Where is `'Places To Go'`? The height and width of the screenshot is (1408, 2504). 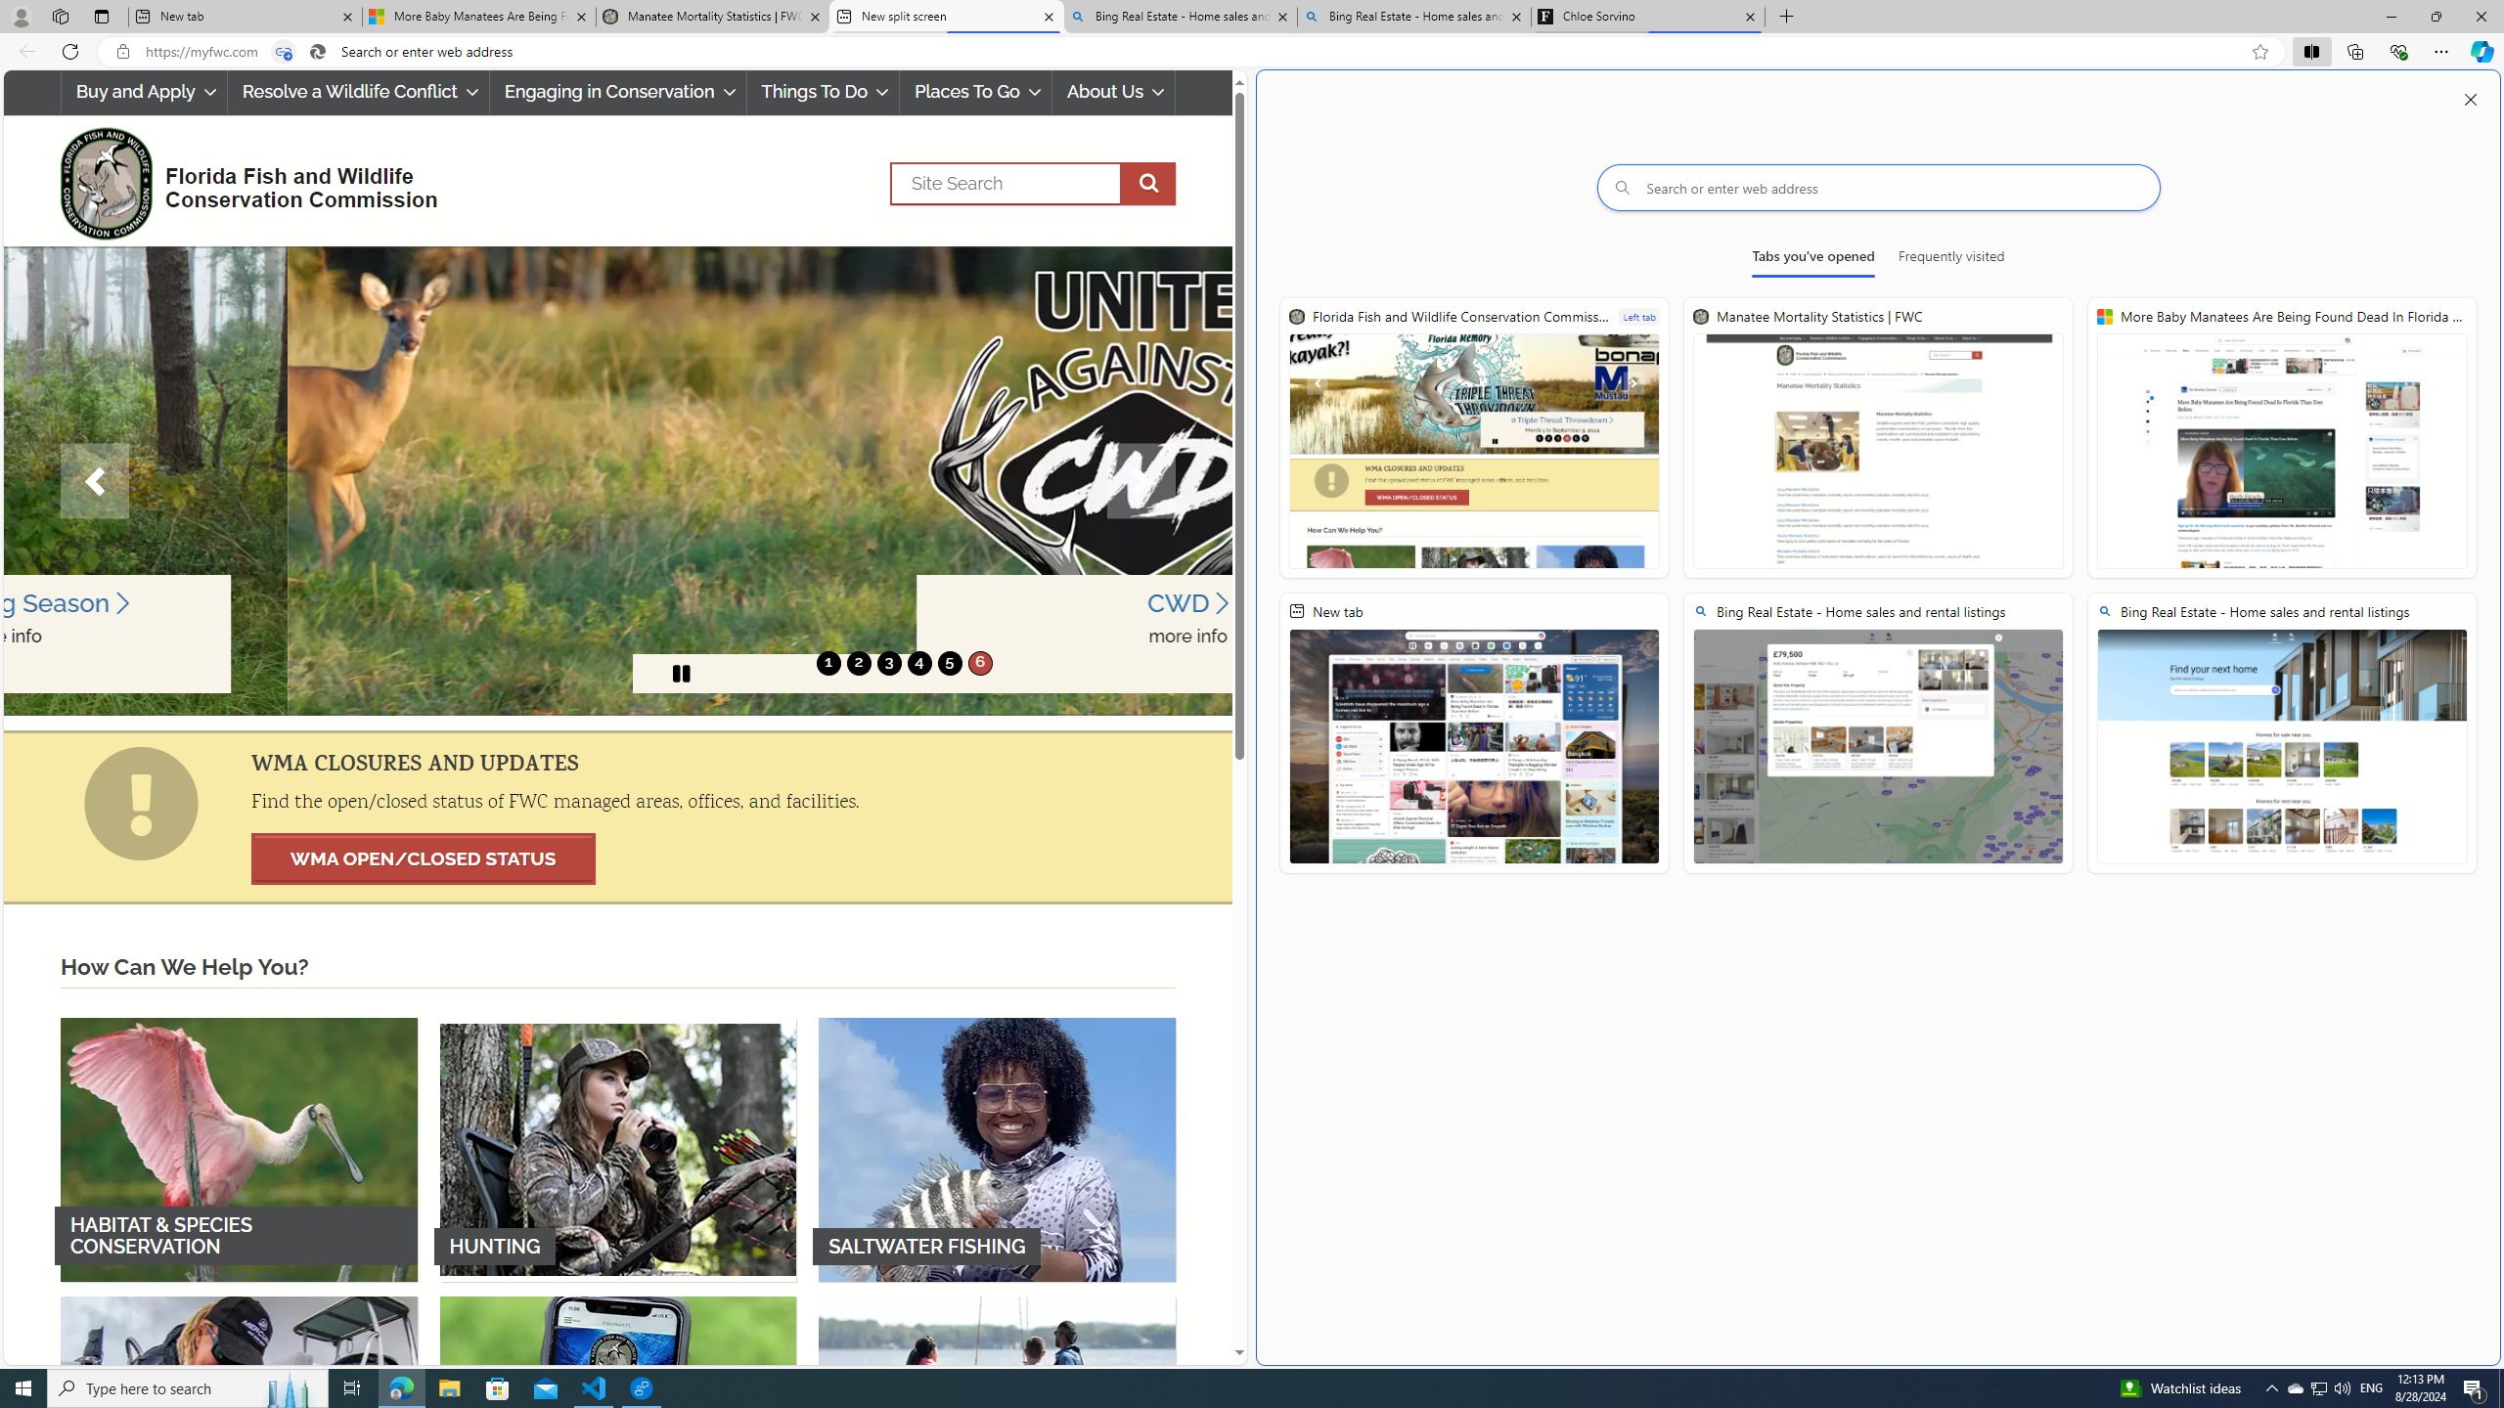 'Places To Go' is located at coordinates (974, 91).